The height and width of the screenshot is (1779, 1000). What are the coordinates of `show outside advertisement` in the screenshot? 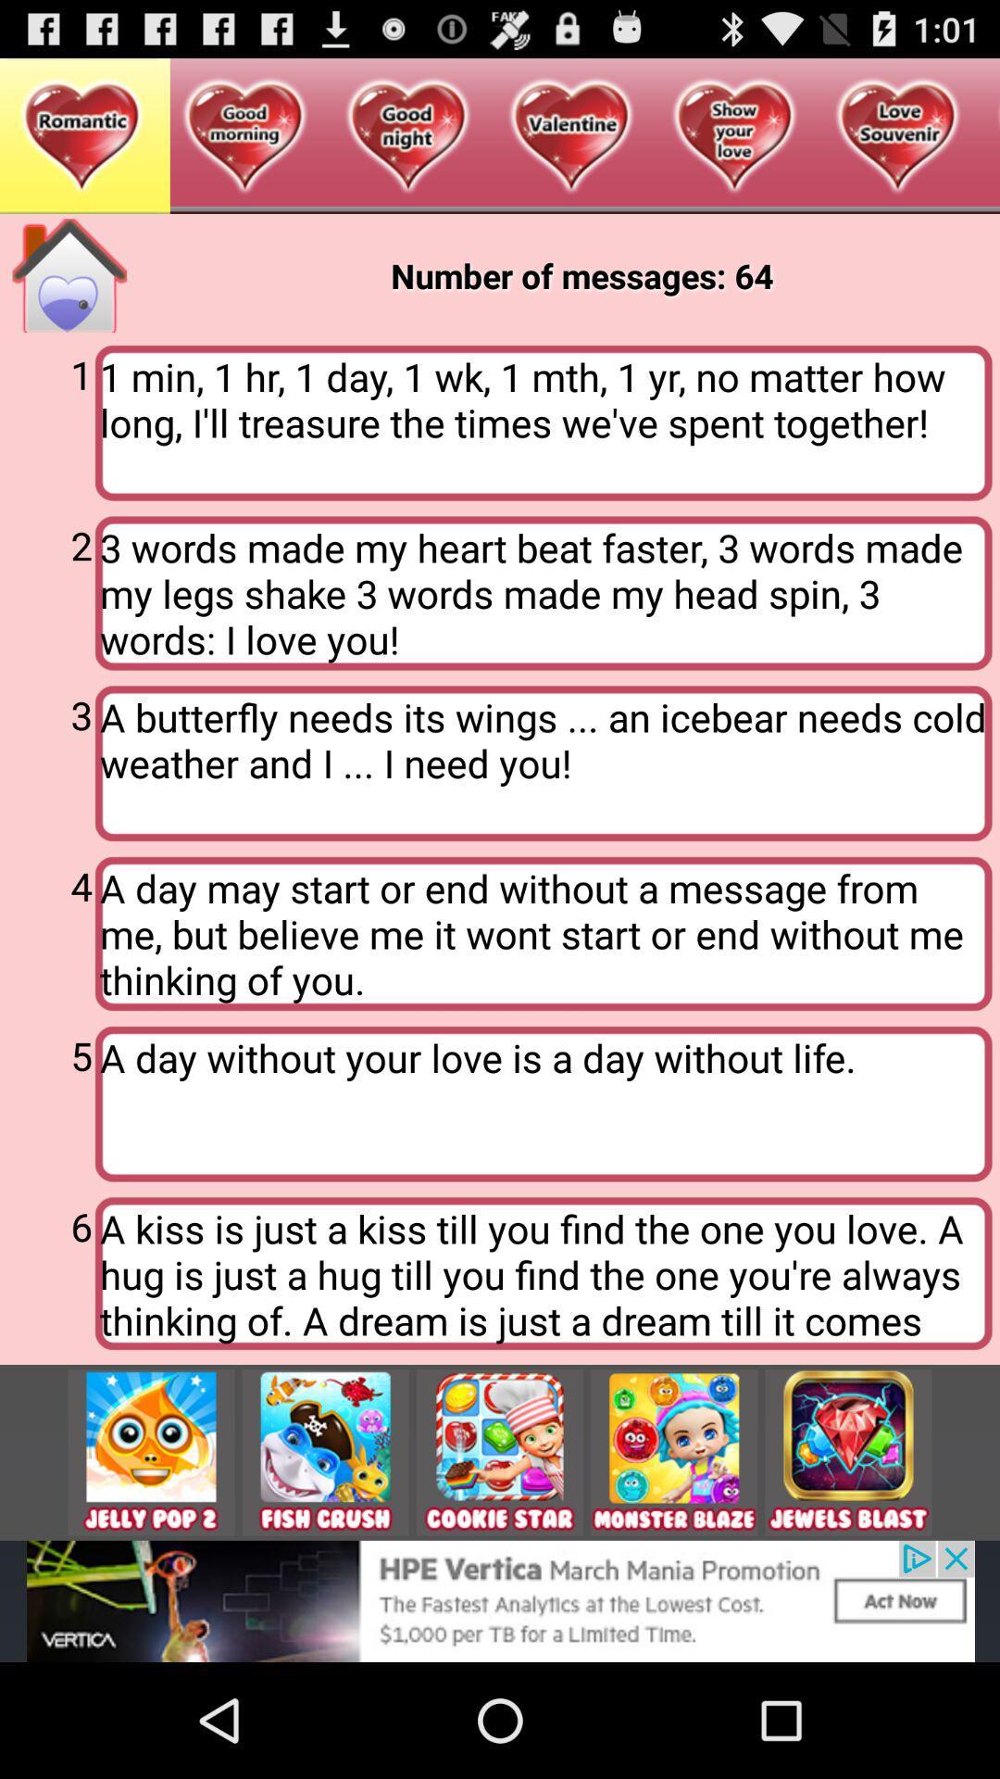 It's located at (500, 1600).